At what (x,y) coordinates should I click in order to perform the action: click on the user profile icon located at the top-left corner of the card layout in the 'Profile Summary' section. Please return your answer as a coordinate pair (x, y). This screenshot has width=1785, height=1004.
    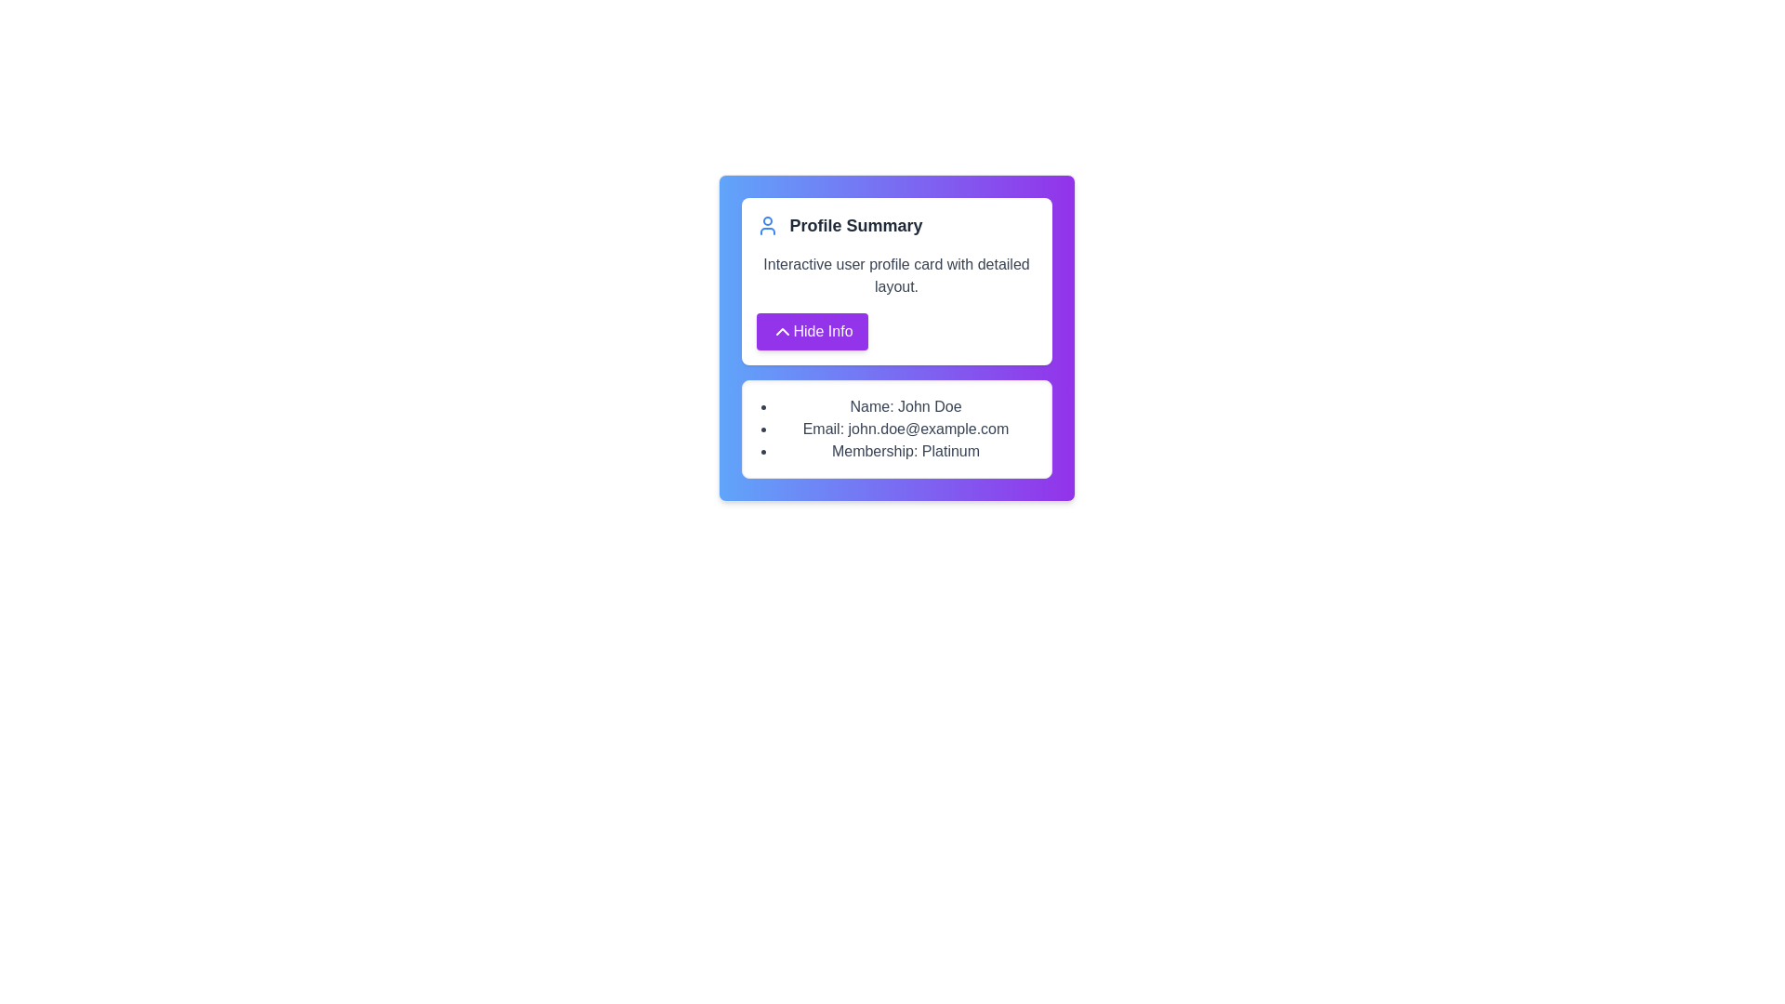
    Looking at the image, I should click on (767, 225).